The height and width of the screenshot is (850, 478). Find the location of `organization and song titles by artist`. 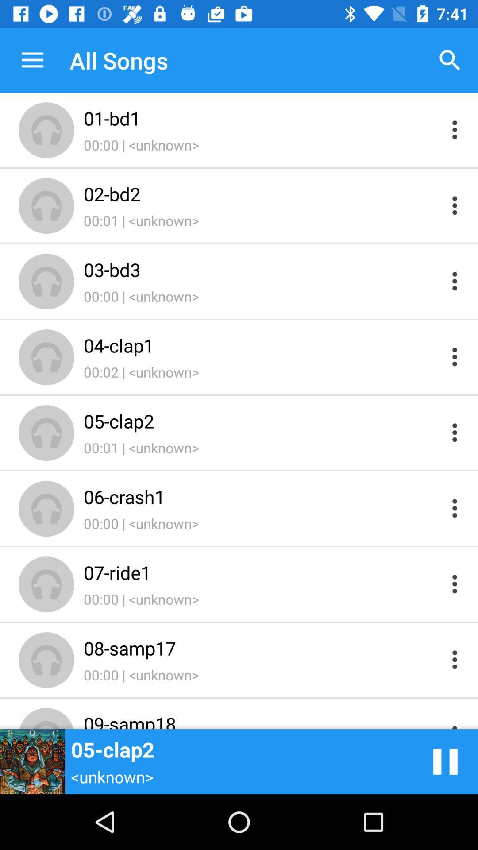

organization and song titles by artist is located at coordinates (455, 205).